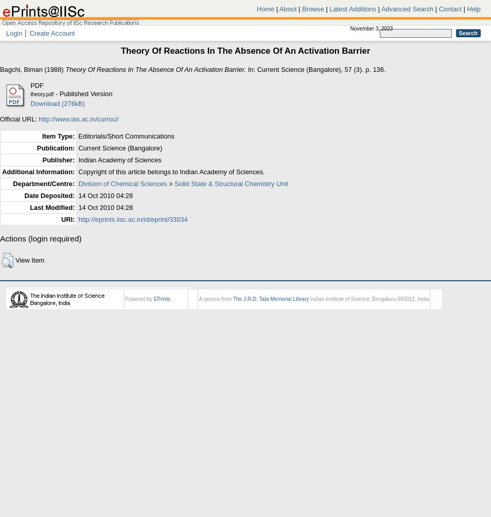 This screenshot has width=491, height=517. I want to click on 'Bagchi, Biman', so click(21, 69).